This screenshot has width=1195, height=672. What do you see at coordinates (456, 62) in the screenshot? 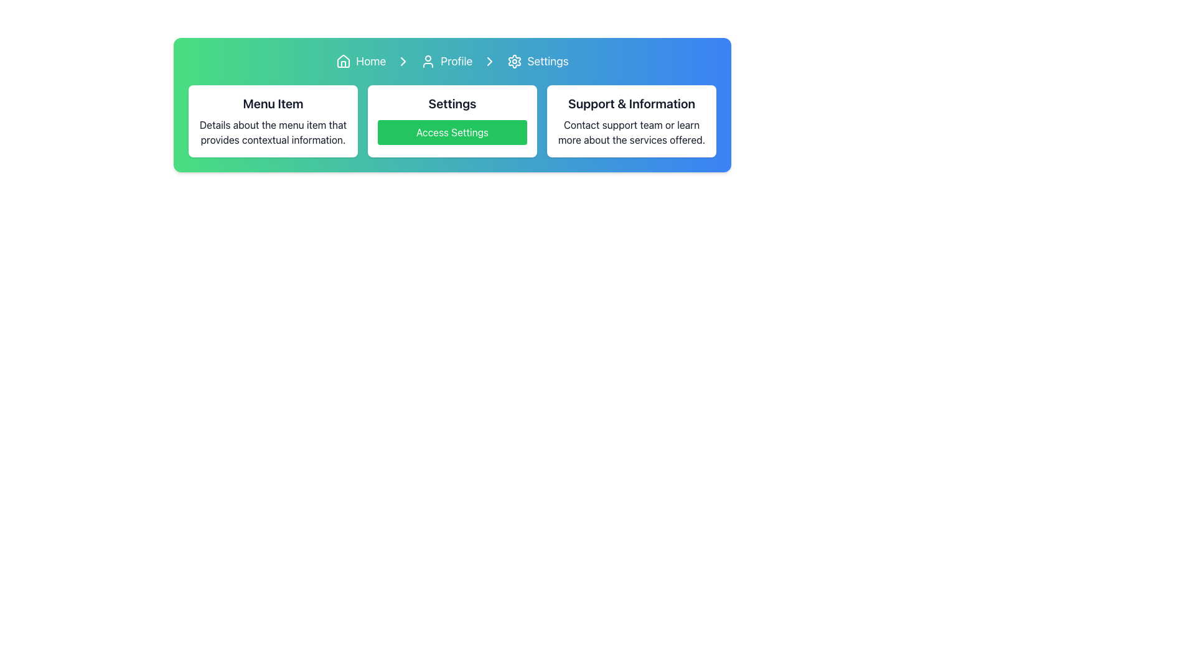
I see `the Static Text Label that represents the user profile section in the top navigation bar, located between the user profile icon and the 'Settings' label` at bounding box center [456, 62].